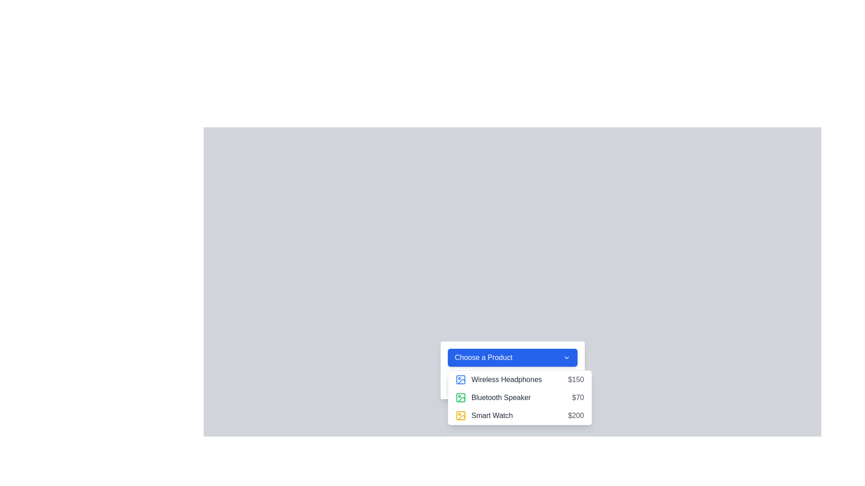 This screenshot has height=486, width=865. Describe the element at coordinates (575, 416) in the screenshot. I see `the Text Label displaying the price '$200' of the 'Smart Watch' product entry, which is positioned in the rightmost portion of the layout` at that location.